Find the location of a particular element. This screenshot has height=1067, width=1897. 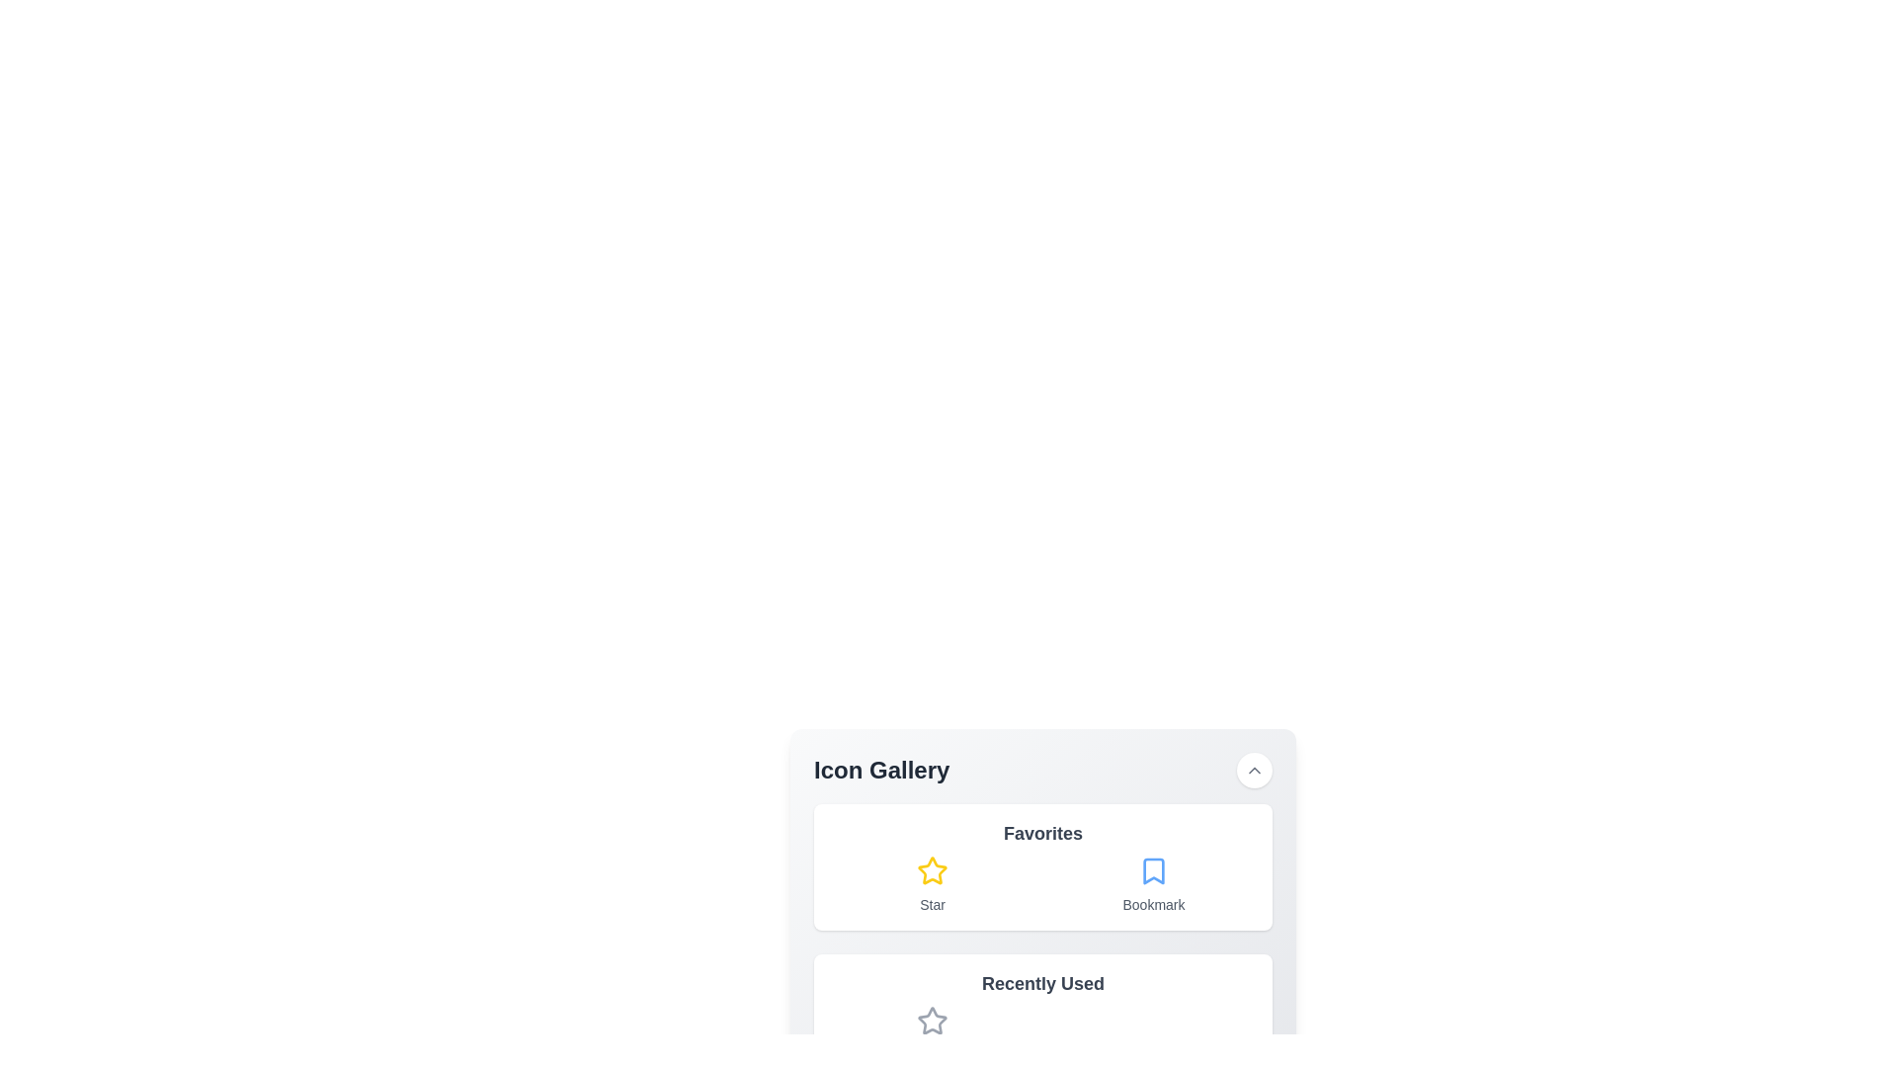

the star-shaped icon with a gray outlined style located in the 'Recently Used' group, positioned above the 'Star Empty' label is located at coordinates (932, 1021).